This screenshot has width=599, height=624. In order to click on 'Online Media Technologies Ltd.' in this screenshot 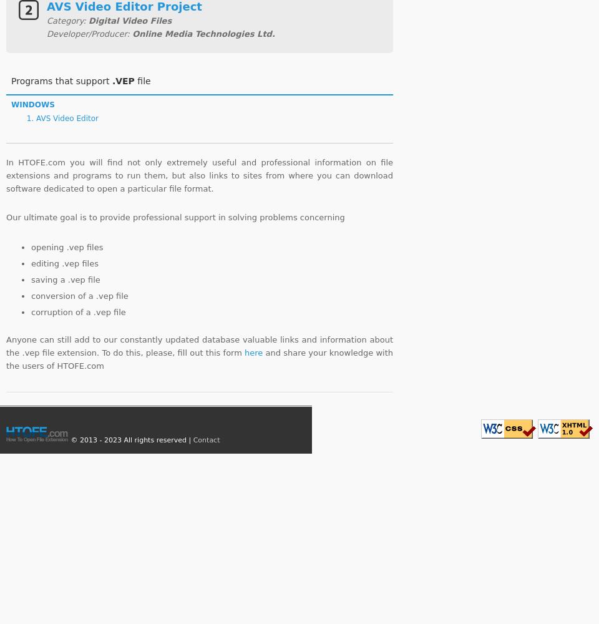, I will do `click(203, 33)`.